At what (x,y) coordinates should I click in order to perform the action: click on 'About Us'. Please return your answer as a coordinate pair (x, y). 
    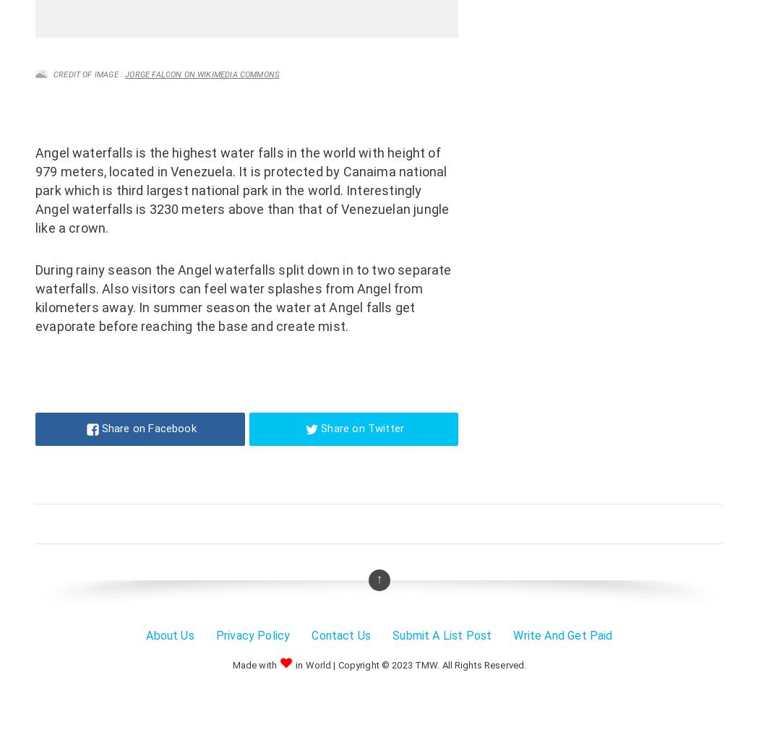
    Looking at the image, I should click on (169, 635).